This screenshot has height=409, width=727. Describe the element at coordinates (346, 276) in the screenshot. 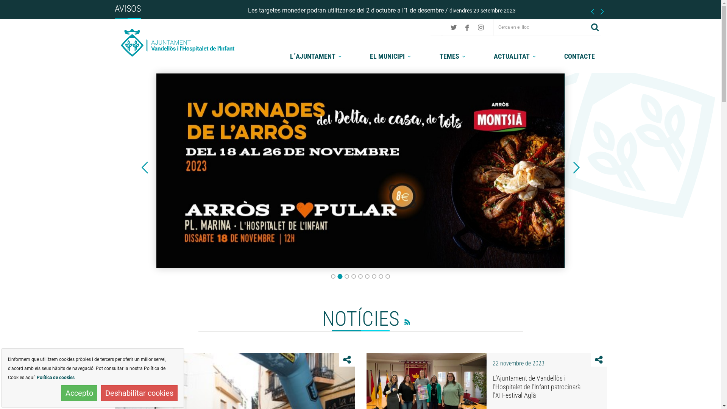

I see `'3'` at that location.